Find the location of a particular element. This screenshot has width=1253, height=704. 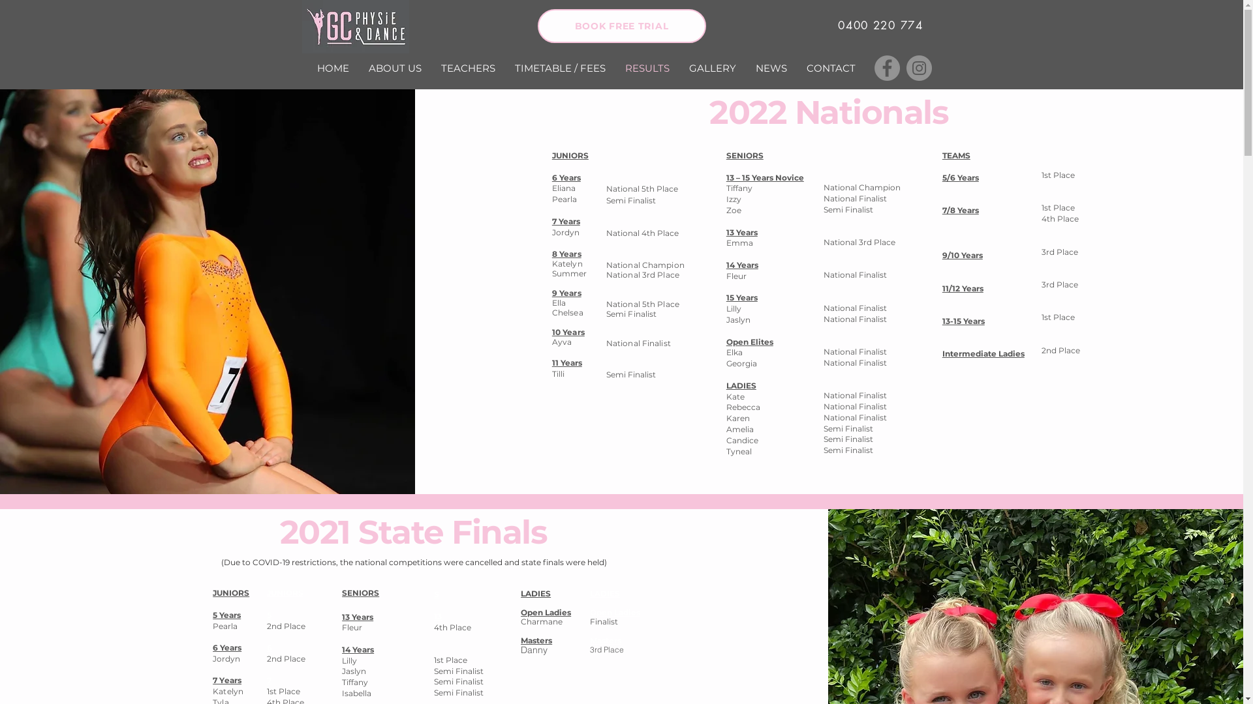

'ABOUT US' is located at coordinates (394, 68).